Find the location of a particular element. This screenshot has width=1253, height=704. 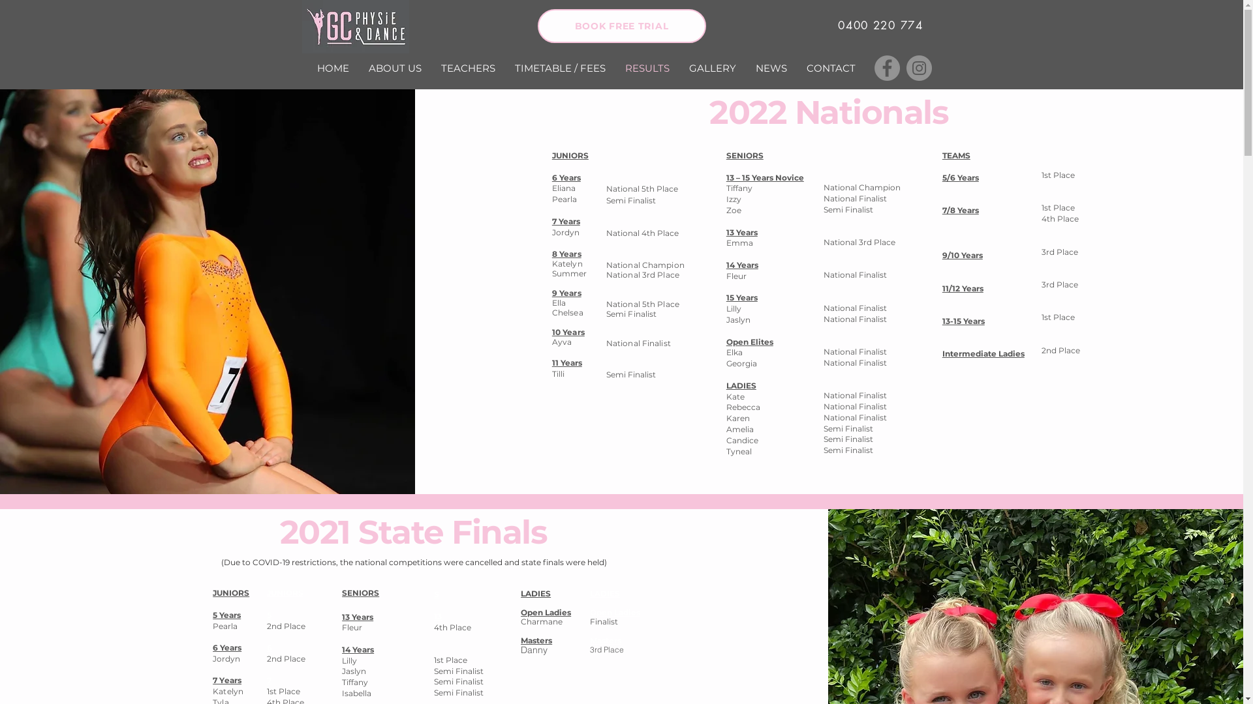

'ABOUT US' is located at coordinates (394, 68).